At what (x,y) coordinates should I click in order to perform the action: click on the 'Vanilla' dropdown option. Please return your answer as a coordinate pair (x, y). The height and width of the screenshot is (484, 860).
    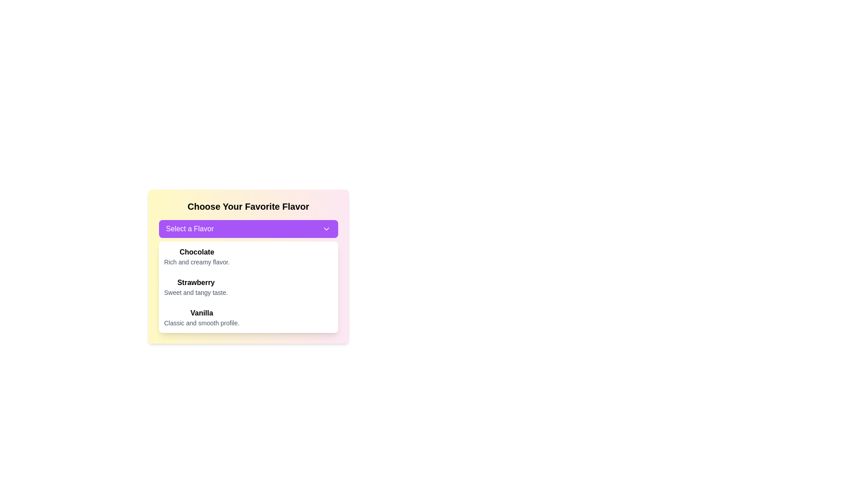
    Looking at the image, I should click on (201, 317).